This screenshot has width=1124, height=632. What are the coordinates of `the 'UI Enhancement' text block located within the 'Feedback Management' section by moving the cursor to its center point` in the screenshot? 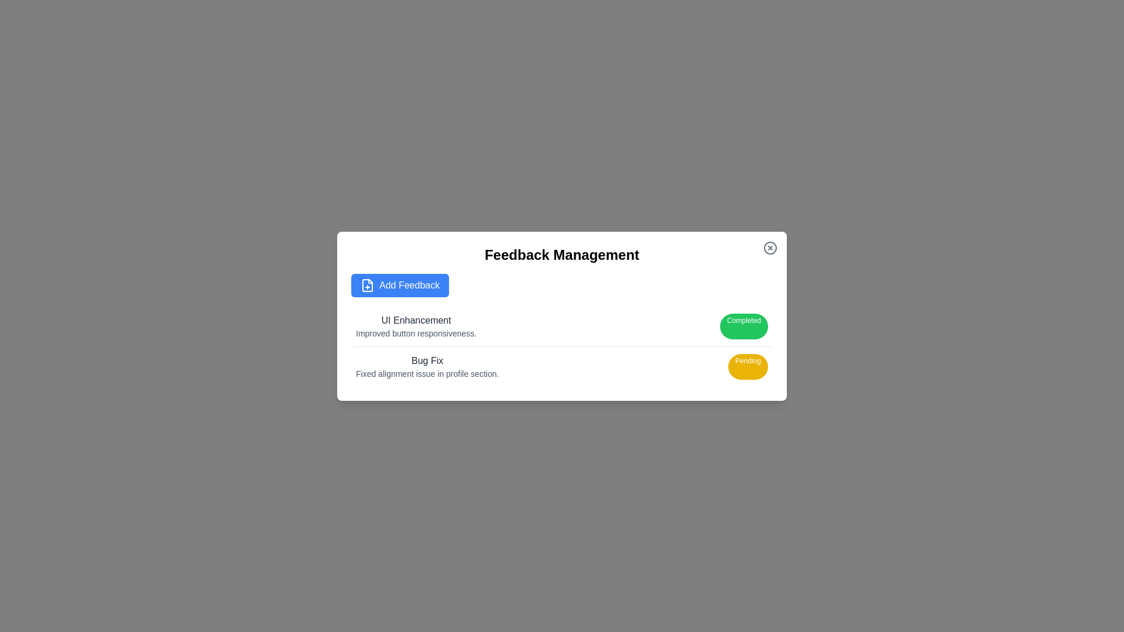 It's located at (416, 326).